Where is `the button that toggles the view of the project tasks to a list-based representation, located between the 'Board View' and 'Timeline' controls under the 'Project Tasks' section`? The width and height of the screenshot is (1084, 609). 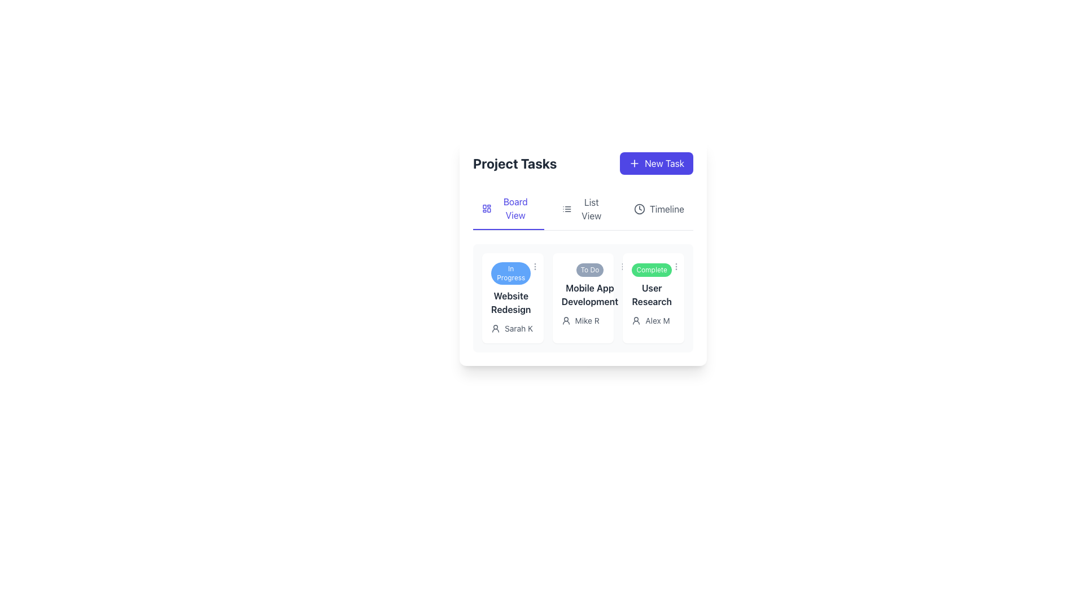
the button that toggles the view of the project tasks to a list-based representation, located between the 'Board View' and 'Timeline' controls under the 'Project Tasks' section is located at coordinates (584, 209).